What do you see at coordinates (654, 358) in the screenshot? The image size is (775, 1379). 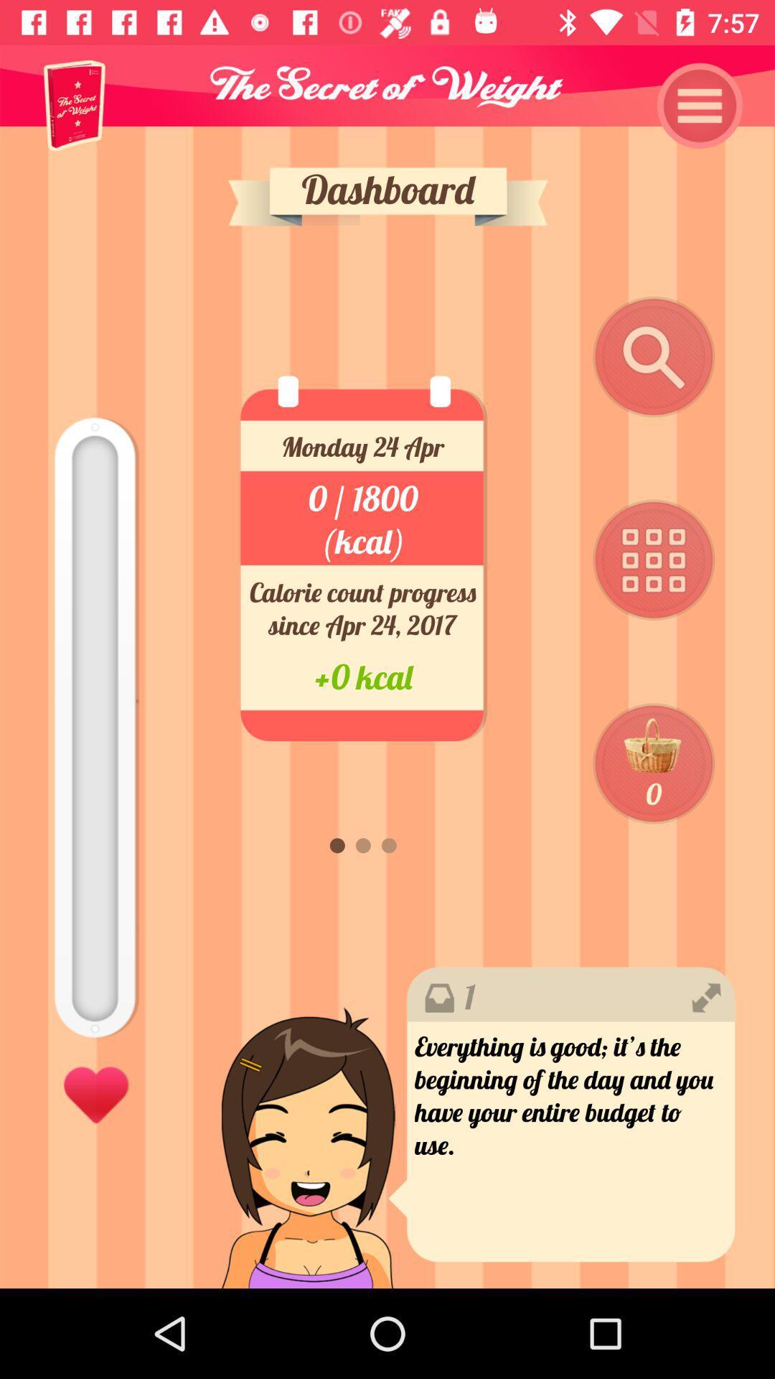 I see `the search icon` at bounding box center [654, 358].